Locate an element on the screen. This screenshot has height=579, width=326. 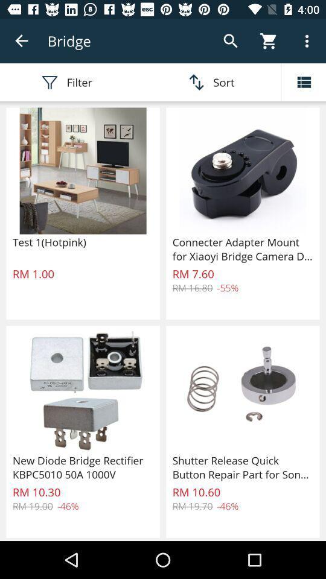
item above filter is located at coordinates (22, 41).